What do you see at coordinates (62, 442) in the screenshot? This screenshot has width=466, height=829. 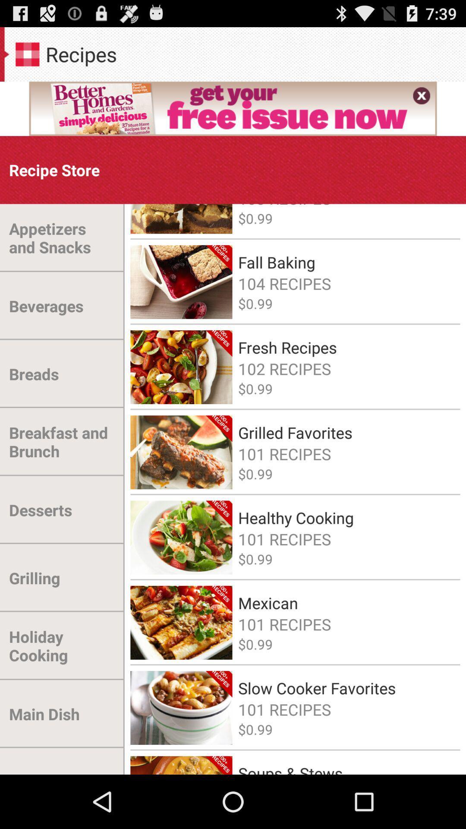 I see `breakfast and brunch item` at bounding box center [62, 442].